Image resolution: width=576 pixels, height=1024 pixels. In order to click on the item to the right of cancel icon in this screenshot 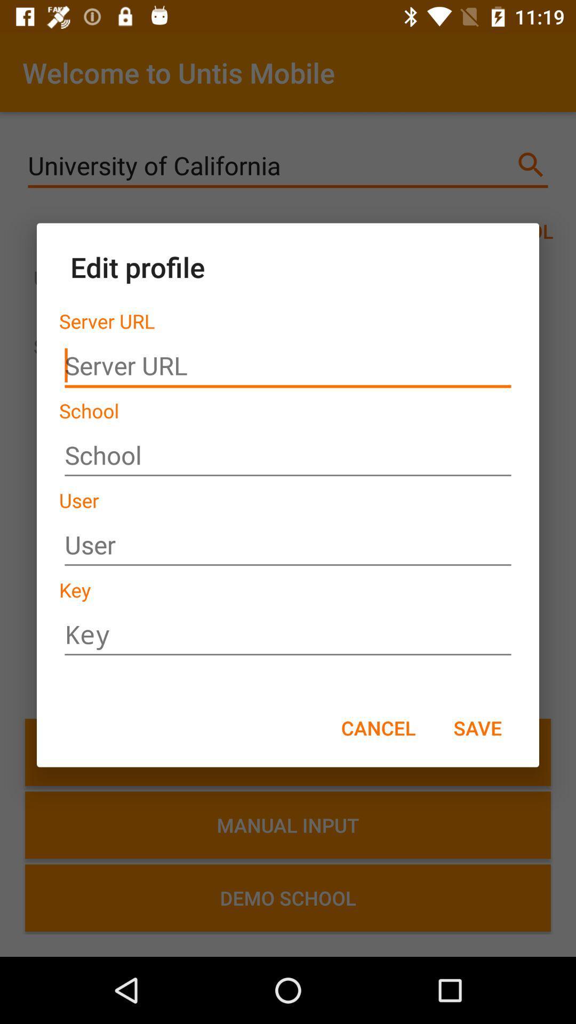, I will do `click(477, 727)`.